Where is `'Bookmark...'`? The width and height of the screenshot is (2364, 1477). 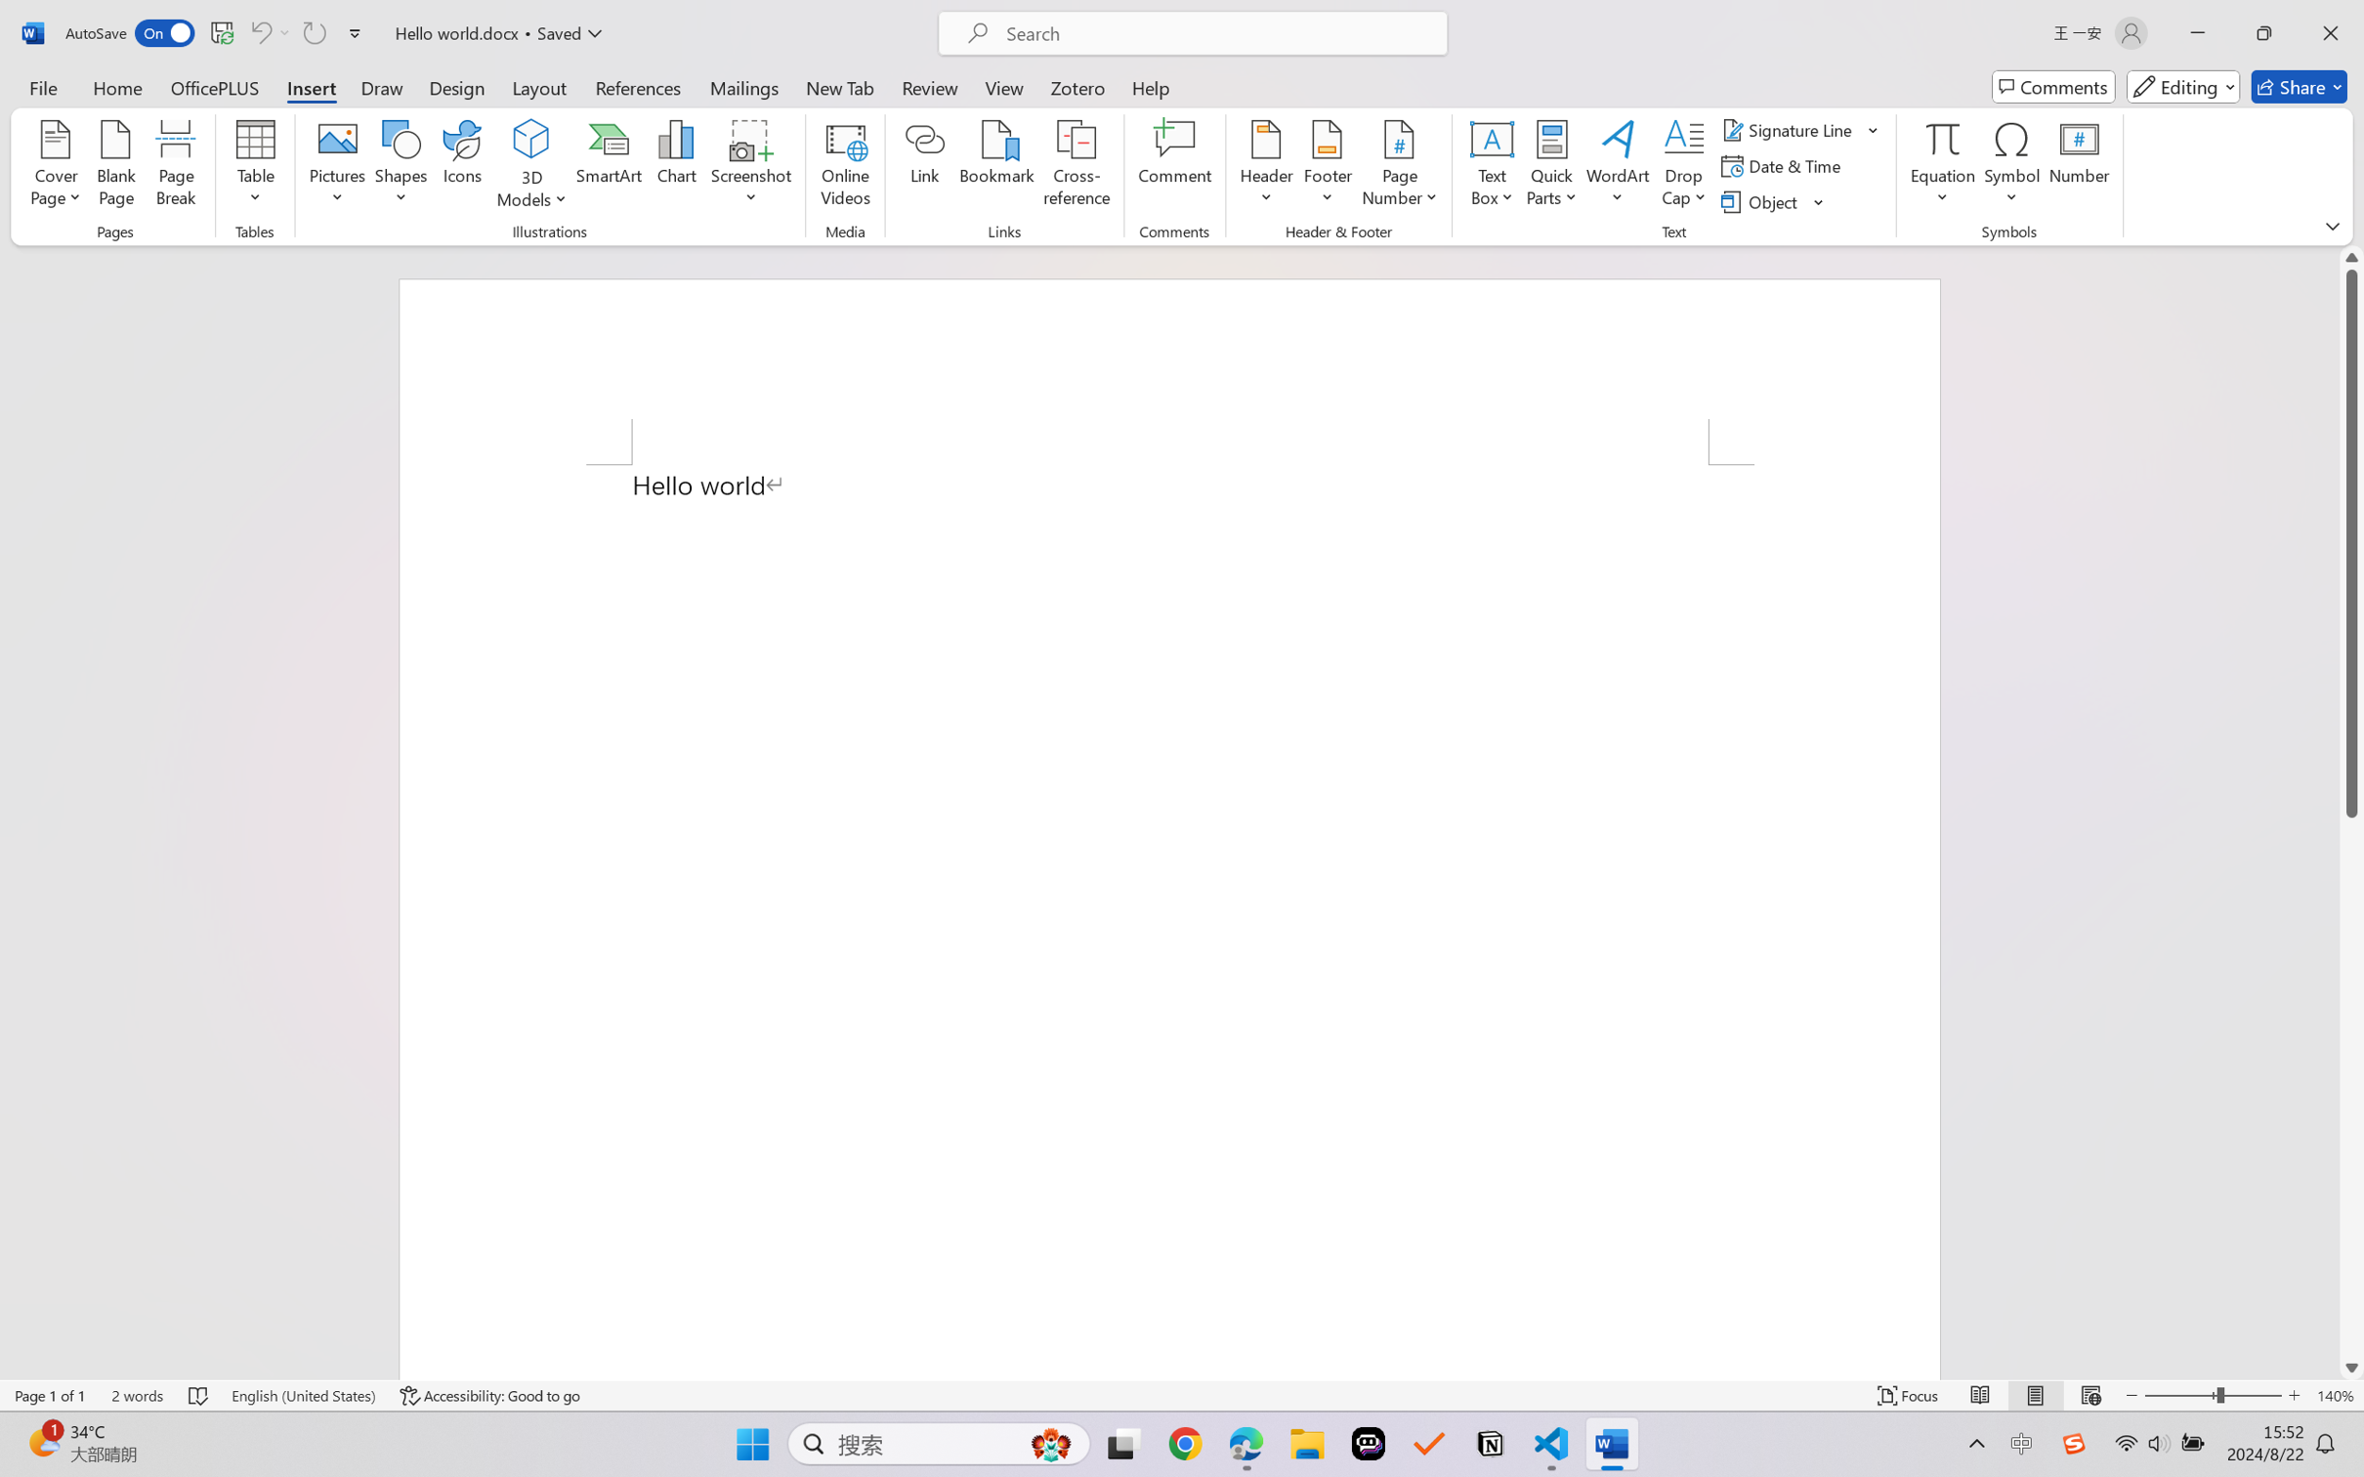 'Bookmark...' is located at coordinates (996, 166).